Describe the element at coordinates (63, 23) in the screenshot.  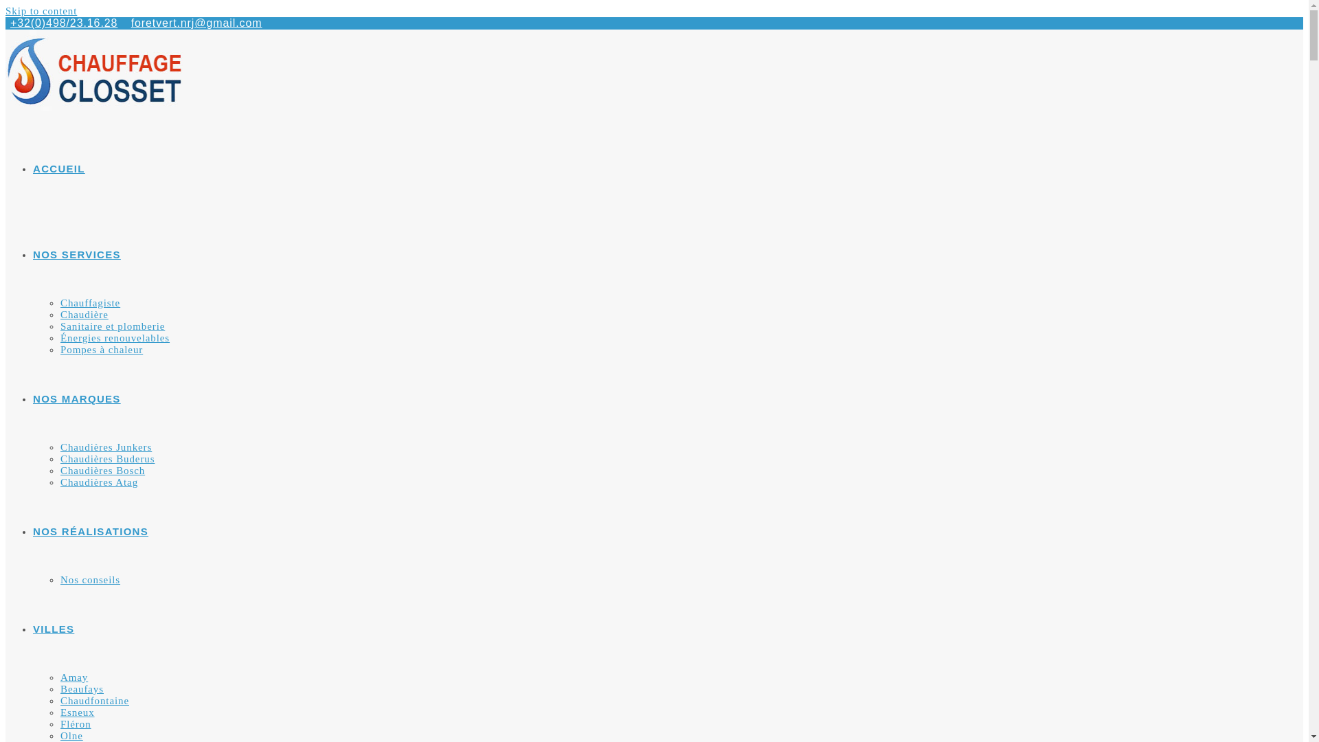
I see `'+32(0)498/23.16.28'` at that location.